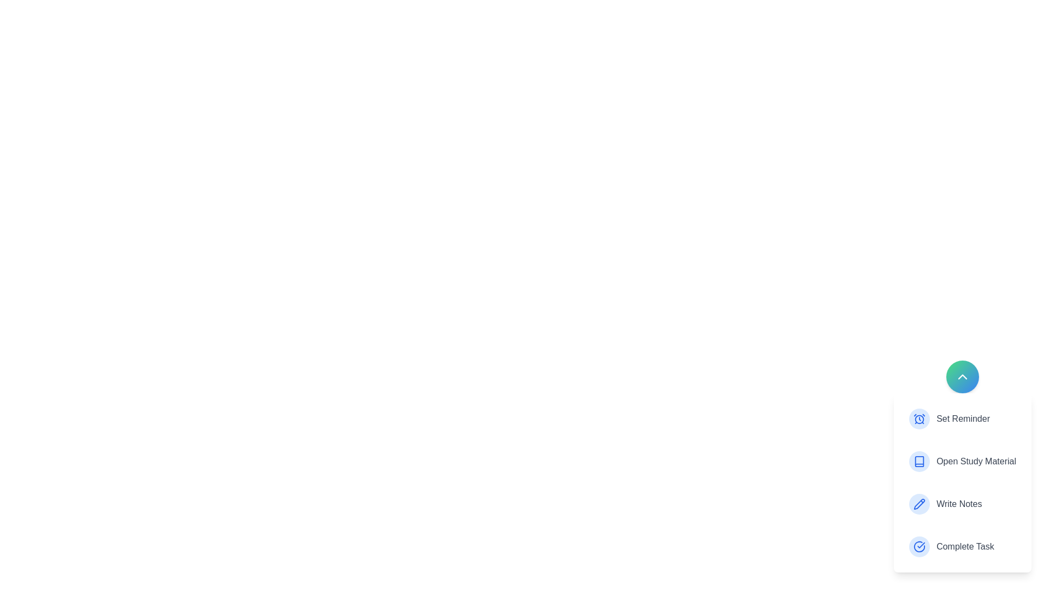 The image size is (1049, 590). What do you see at coordinates (962, 376) in the screenshot?
I see `toggle button to close the menu` at bounding box center [962, 376].